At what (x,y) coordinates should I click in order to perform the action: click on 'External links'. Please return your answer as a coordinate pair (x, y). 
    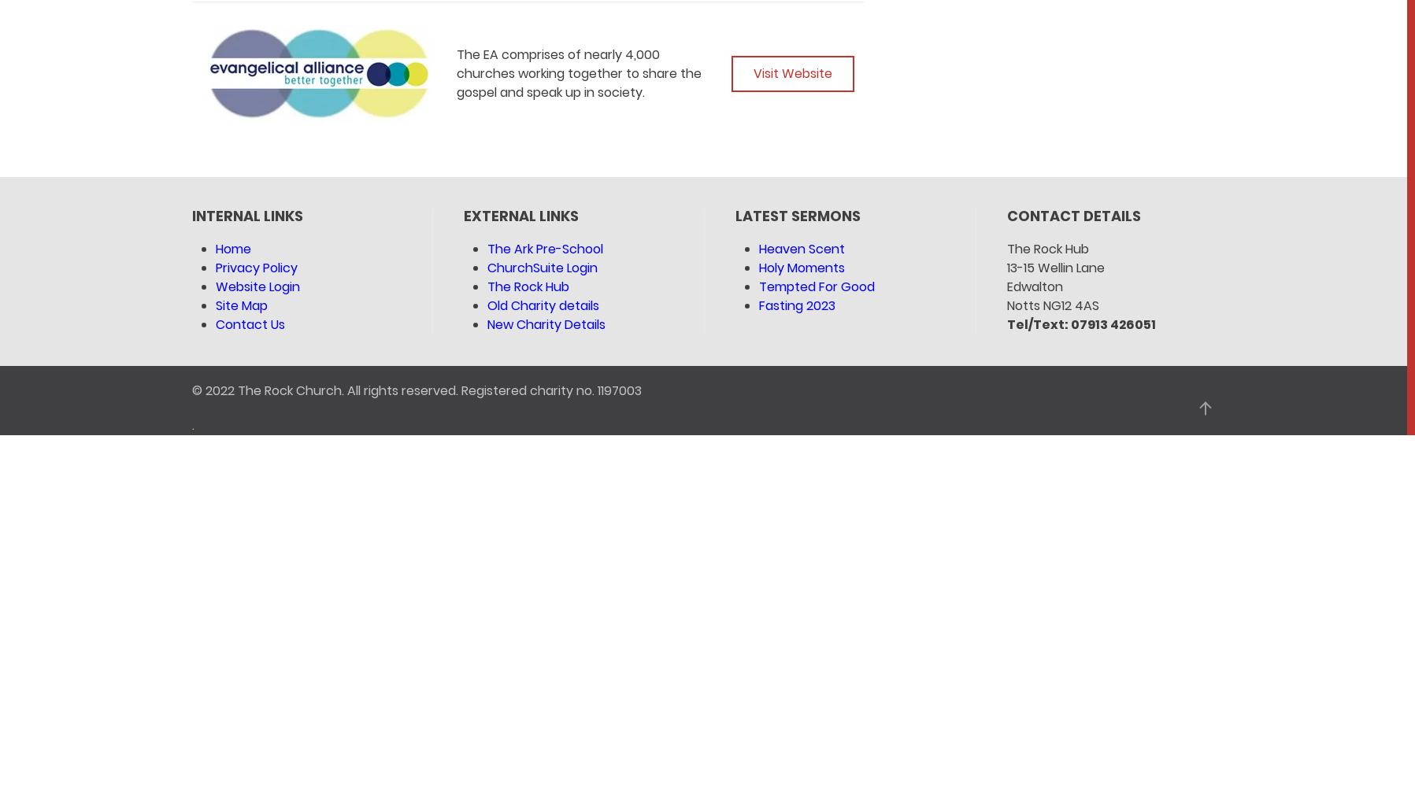
    Looking at the image, I should click on (520, 216).